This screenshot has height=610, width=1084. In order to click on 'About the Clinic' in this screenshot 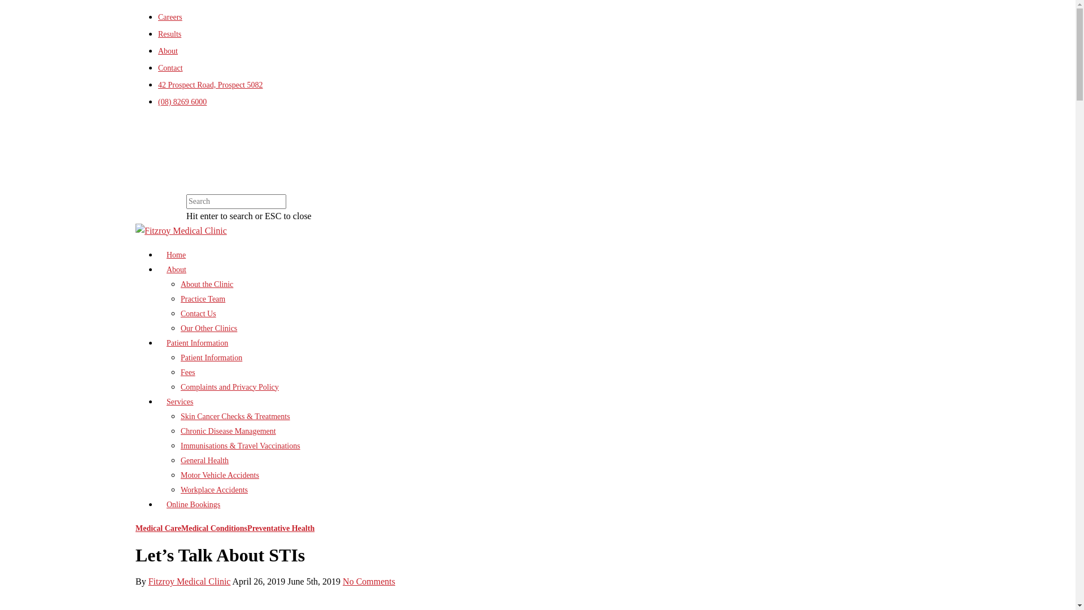, I will do `click(207, 284)`.